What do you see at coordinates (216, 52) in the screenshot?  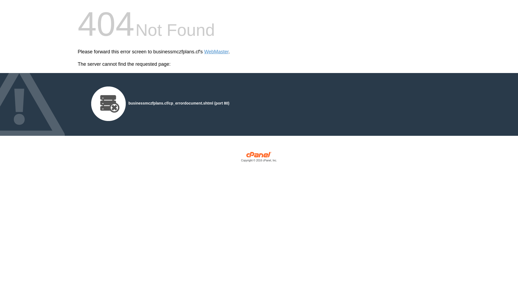 I see `'WebMaster'` at bounding box center [216, 52].